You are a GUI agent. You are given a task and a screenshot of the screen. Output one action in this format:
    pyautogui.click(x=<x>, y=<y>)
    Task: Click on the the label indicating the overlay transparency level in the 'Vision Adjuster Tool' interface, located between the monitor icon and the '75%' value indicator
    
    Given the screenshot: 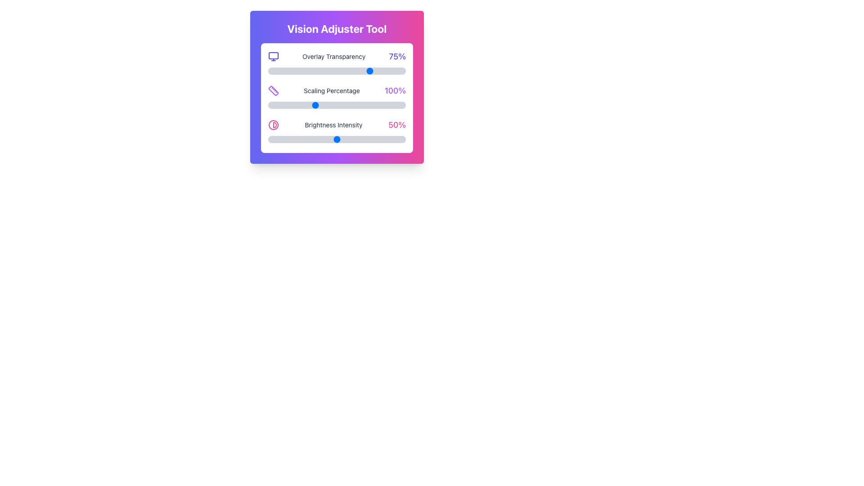 What is the action you would take?
    pyautogui.click(x=333, y=57)
    